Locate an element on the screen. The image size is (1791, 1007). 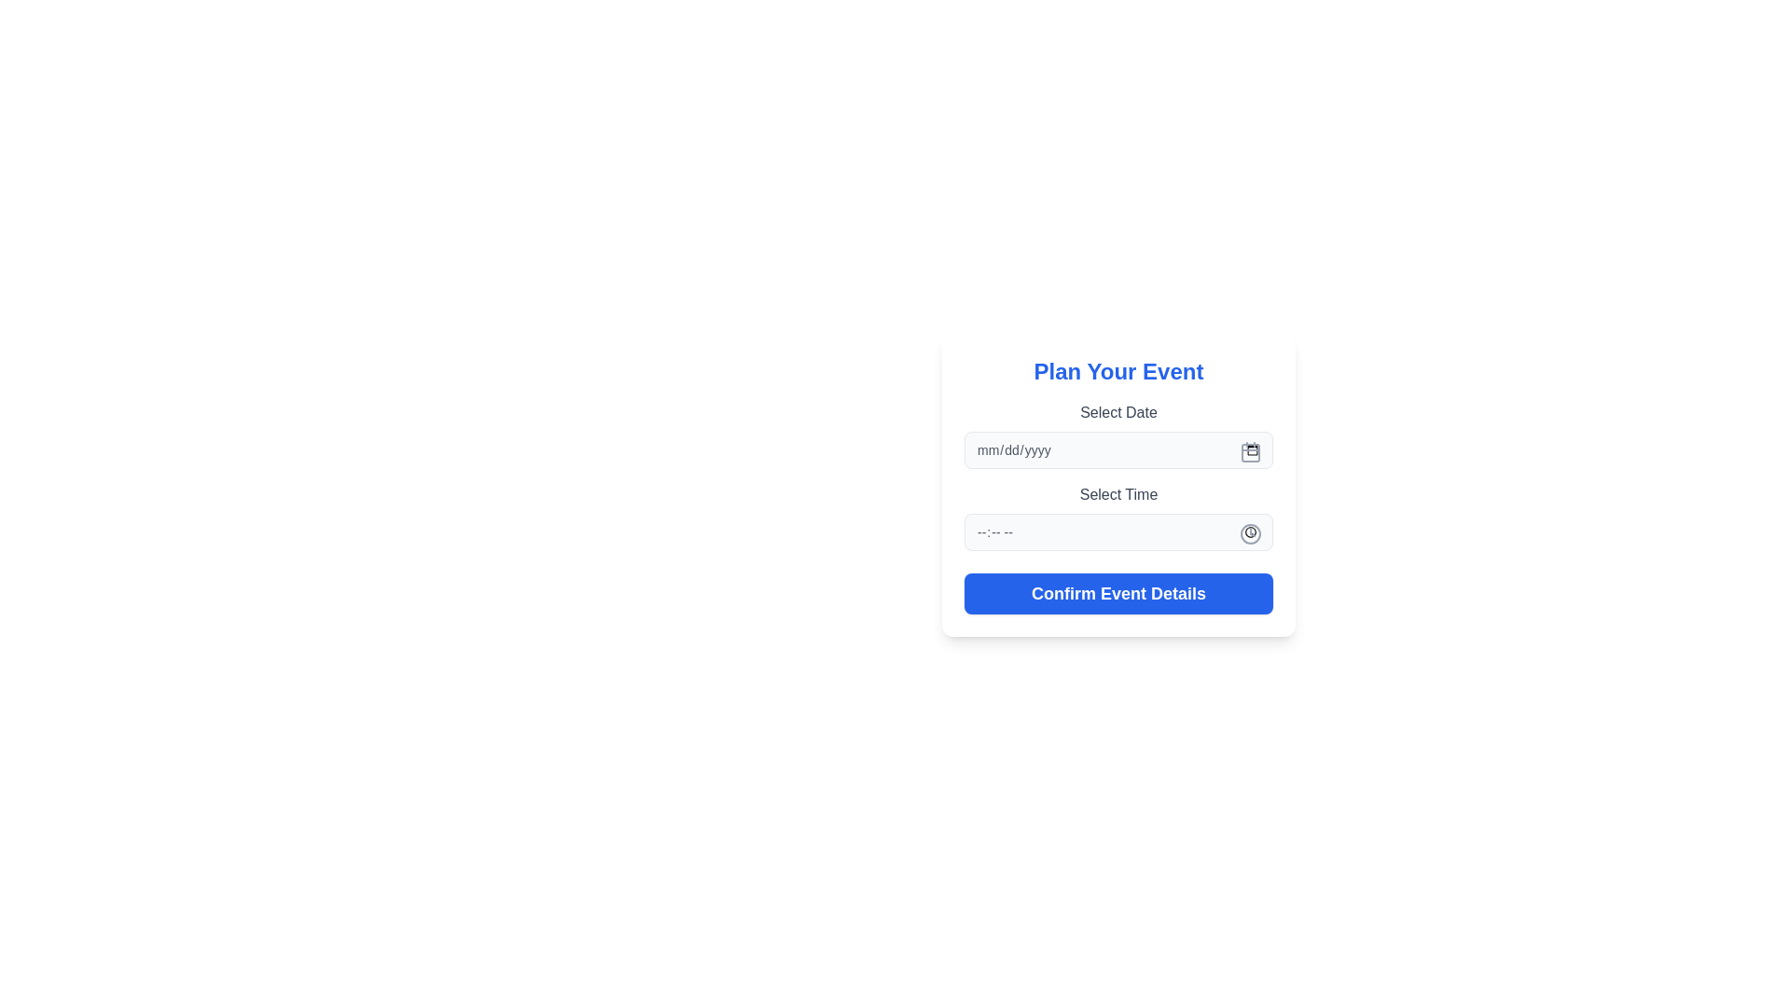
the small square with rounded corners located within the calendar icon next to the 'Select Date' field is located at coordinates (1250, 453).